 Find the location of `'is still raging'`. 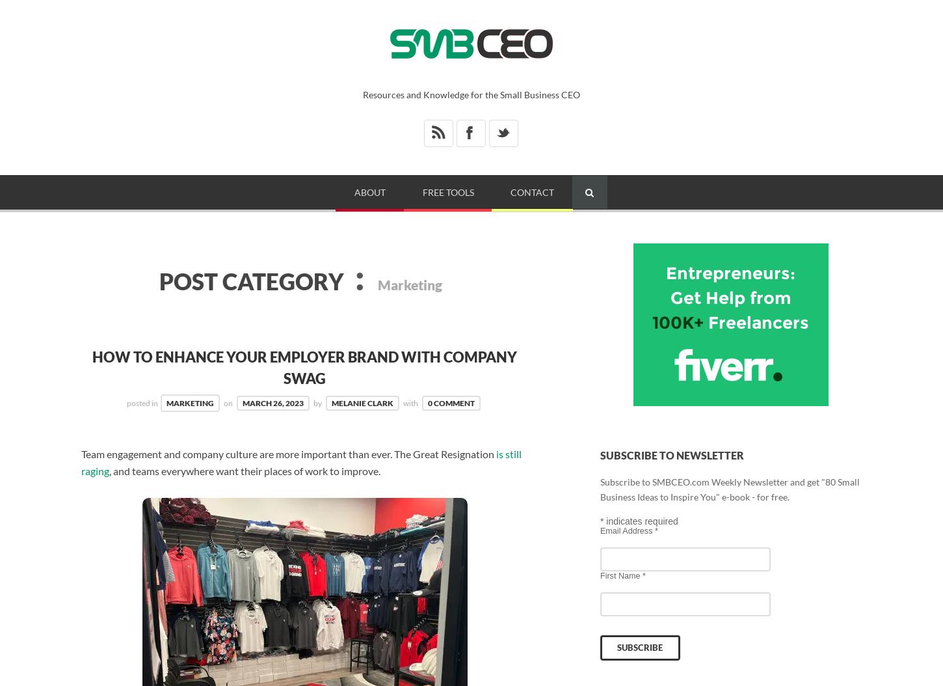

'is still raging' is located at coordinates (300, 461).